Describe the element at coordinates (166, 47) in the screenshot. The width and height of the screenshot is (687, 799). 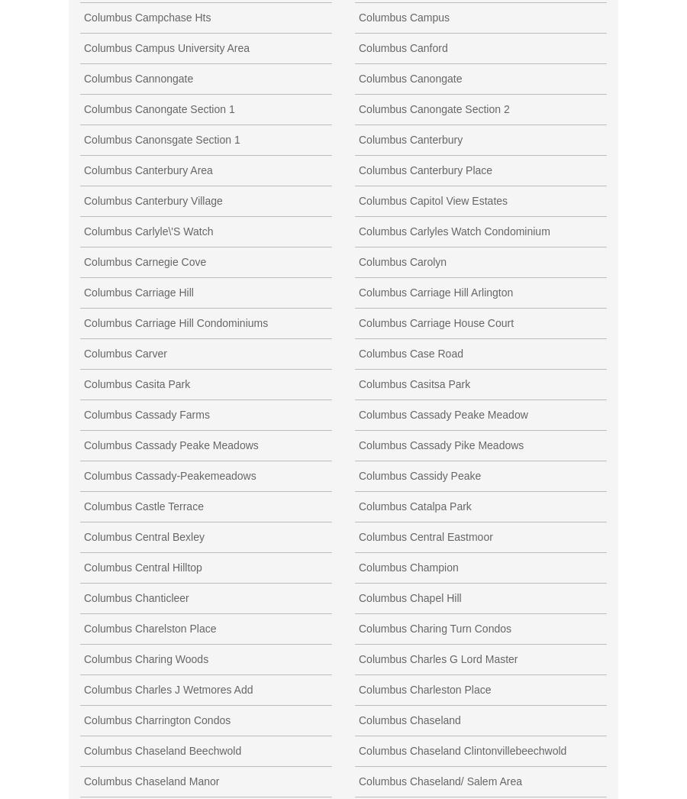
I see `'Columbus Campus University Area'` at that location.